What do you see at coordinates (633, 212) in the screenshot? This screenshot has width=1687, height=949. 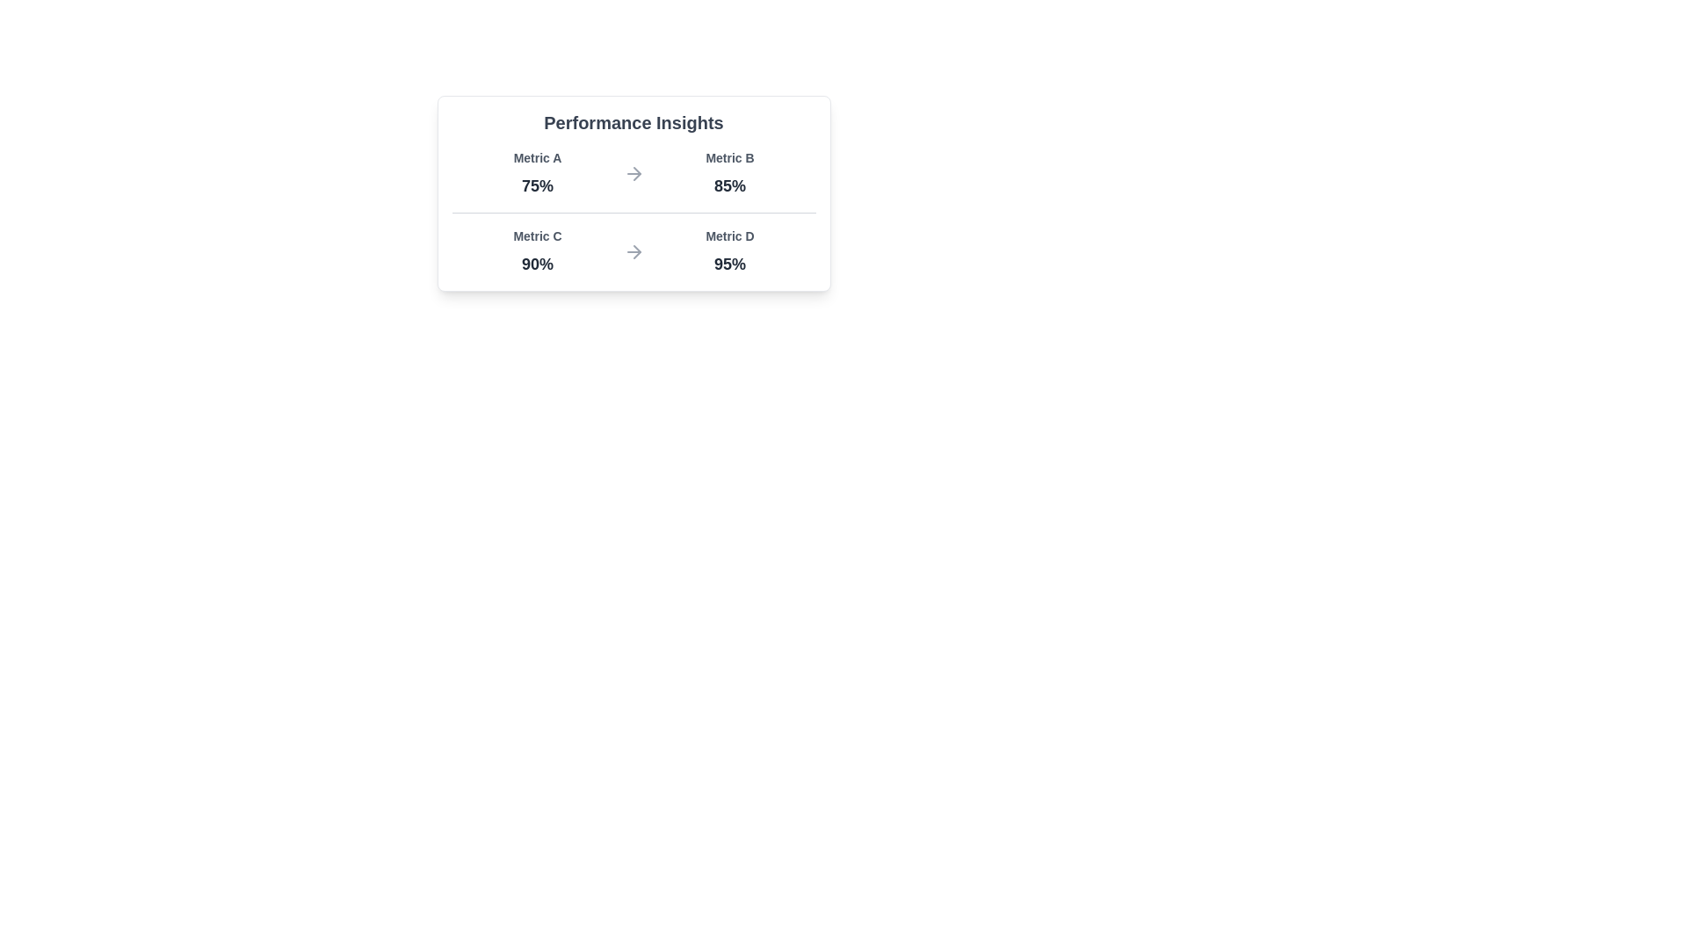 I see `the performance metrics table in the 'Performance Insights' card` at bounding box center [633, 212].